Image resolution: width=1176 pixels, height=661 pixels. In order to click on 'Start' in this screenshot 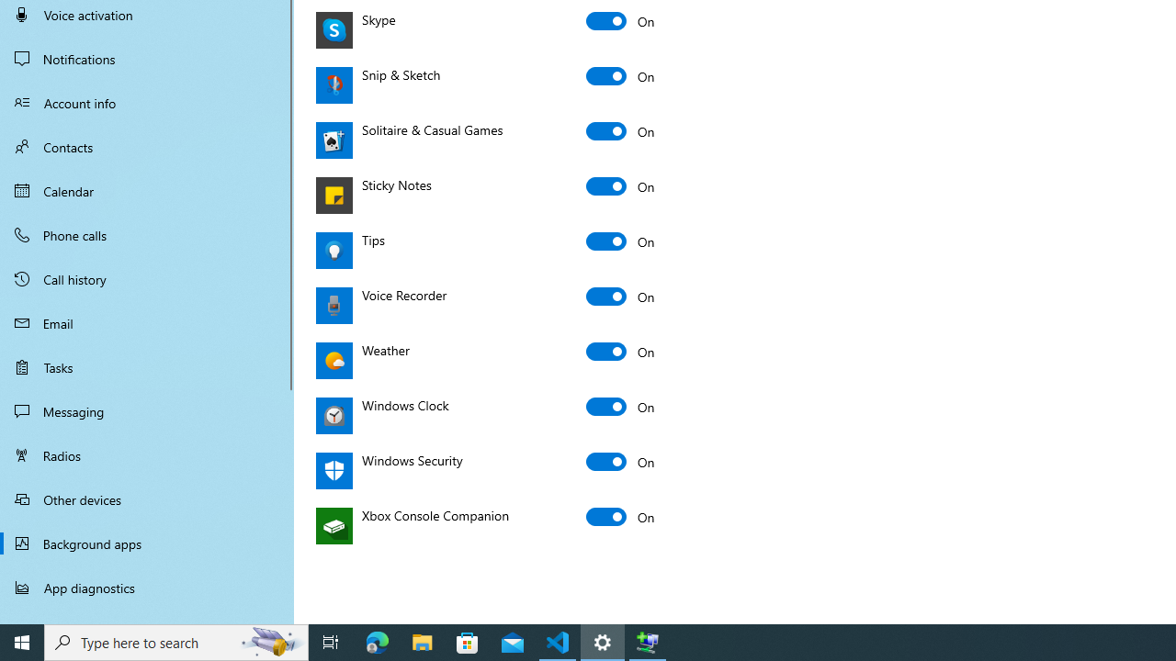, I will do `click(22, 641)`.